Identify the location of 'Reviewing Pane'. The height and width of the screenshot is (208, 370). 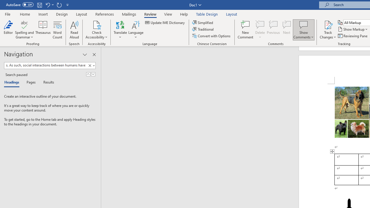
(353, 36).